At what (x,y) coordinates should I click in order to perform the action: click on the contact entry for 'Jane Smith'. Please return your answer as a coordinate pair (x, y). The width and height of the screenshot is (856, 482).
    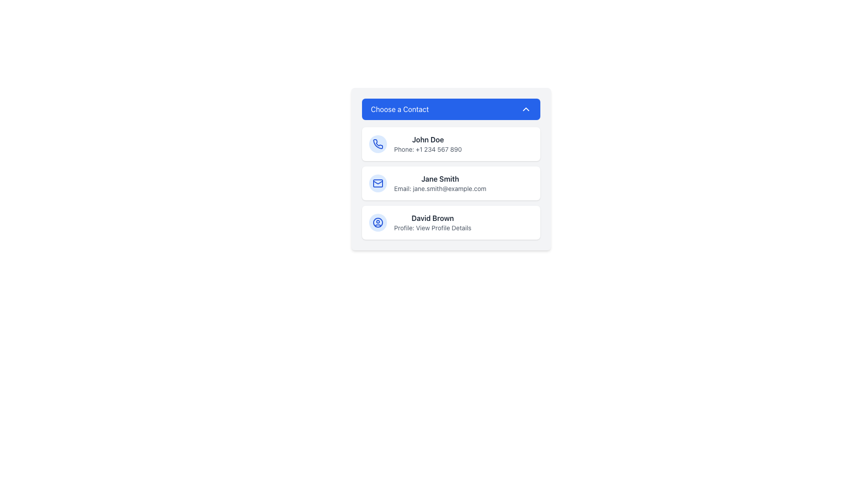
    Looking at the image, I should click on (451, 183).